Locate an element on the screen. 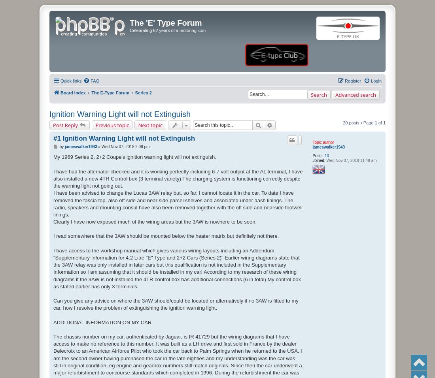  'I have had the alternator checked and it is working perfectly including 6-7 volt output at the AL terminal, I have also installed a new 4TR Control box (3 terminal variety) The charging system is functioning correctly despite the warning light not going out.' is located at coordinates (178, 178).